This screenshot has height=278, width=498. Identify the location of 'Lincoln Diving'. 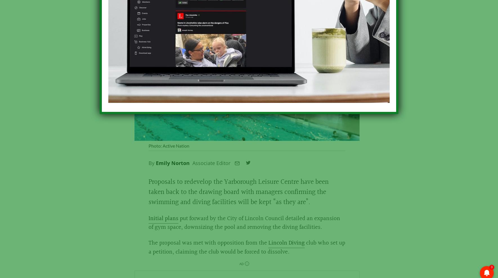
(286, 246).